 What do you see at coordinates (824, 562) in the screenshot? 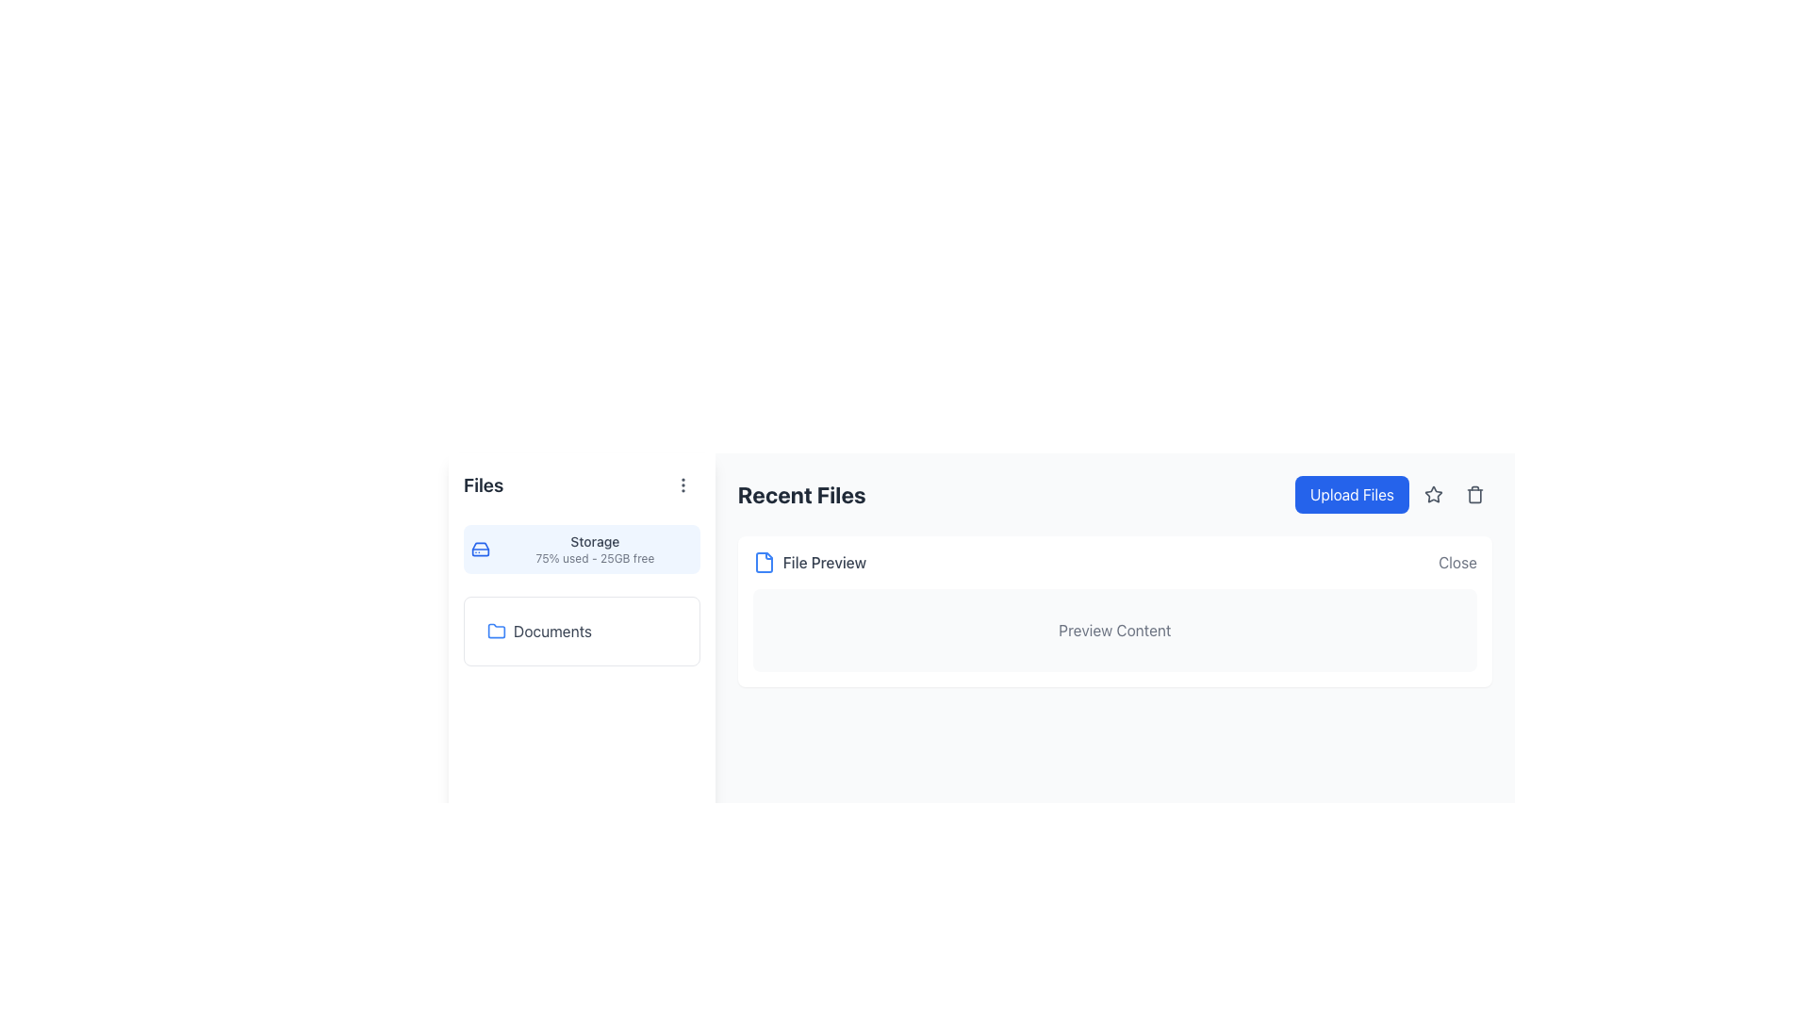
I see `the 'File Preview' text label located in the 'Recent Files' section` at bounding box center [824, 562].